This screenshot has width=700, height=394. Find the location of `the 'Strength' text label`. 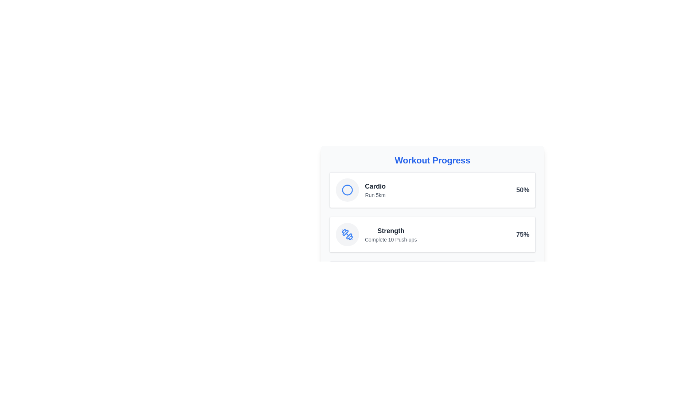

the 'Strength' text label is located at coordinates (390, 231).